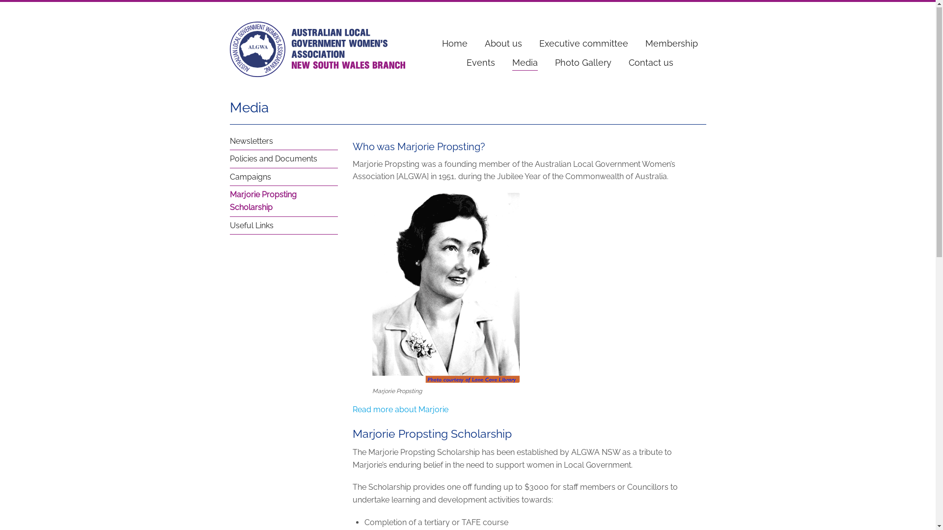  I want to click on 'About us', so click(485, 43).